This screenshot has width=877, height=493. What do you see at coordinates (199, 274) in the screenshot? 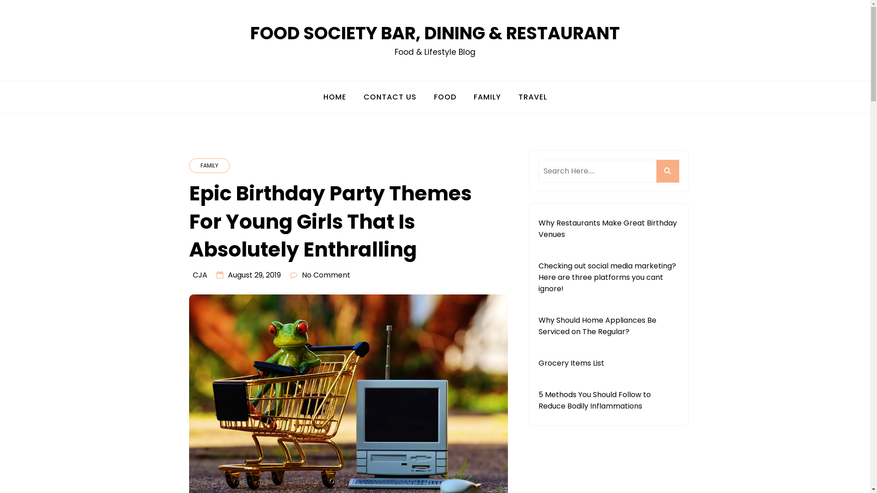
I see `'CJA'` at bounding box center [199, 274].